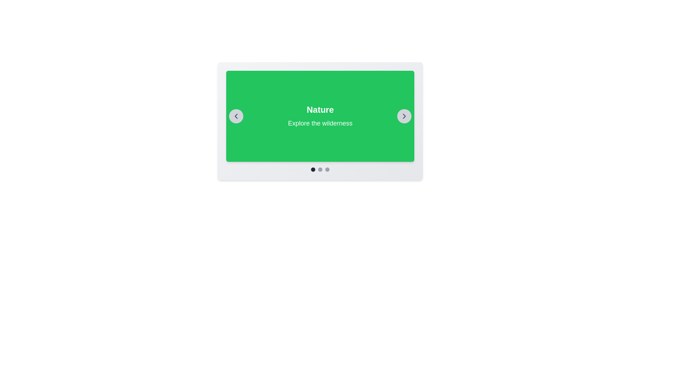  Describe the element at coordinates (313, 170) in the screenshot. I see `the first navigation dot indicator` at that location.